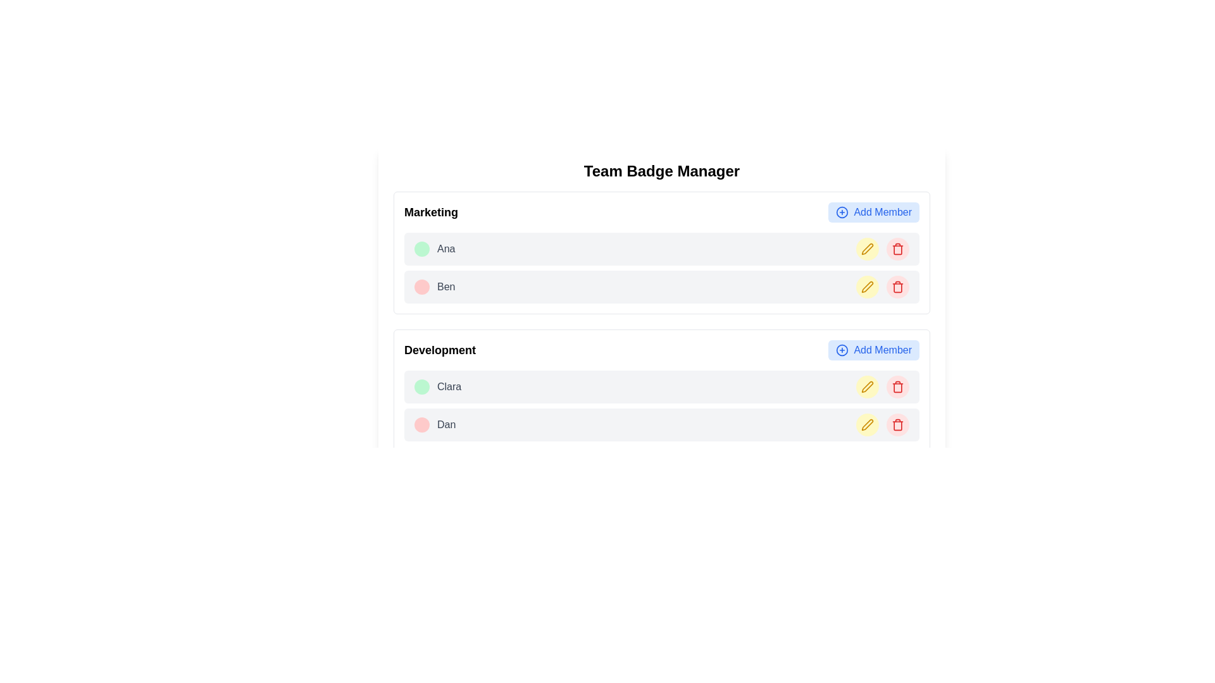 The image size is (1215, 683). I want to click on the right button in the action controls for deleting the 'Dan' entry in the 'Development' section, so click(882, 424).